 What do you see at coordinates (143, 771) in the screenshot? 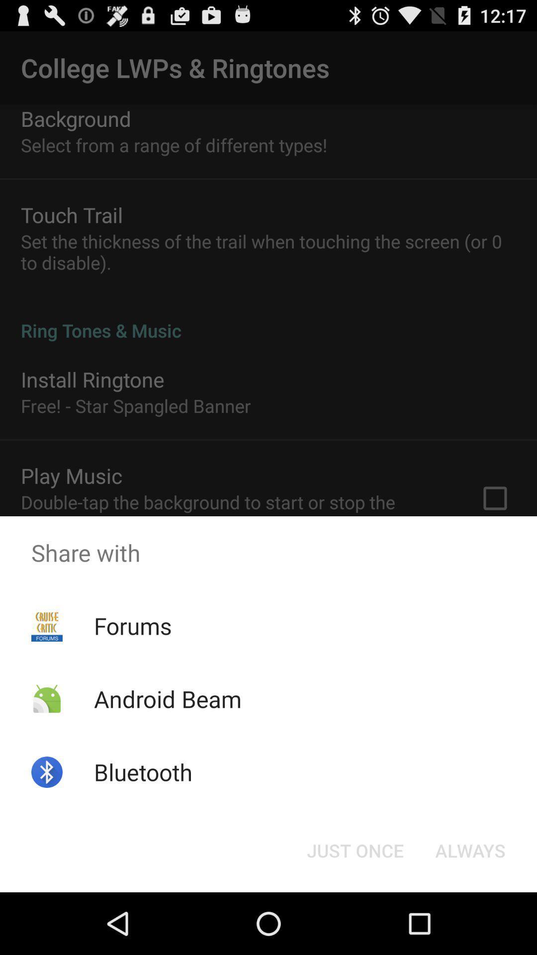
I see `item below android beam item` at bounding box center [143, 771].